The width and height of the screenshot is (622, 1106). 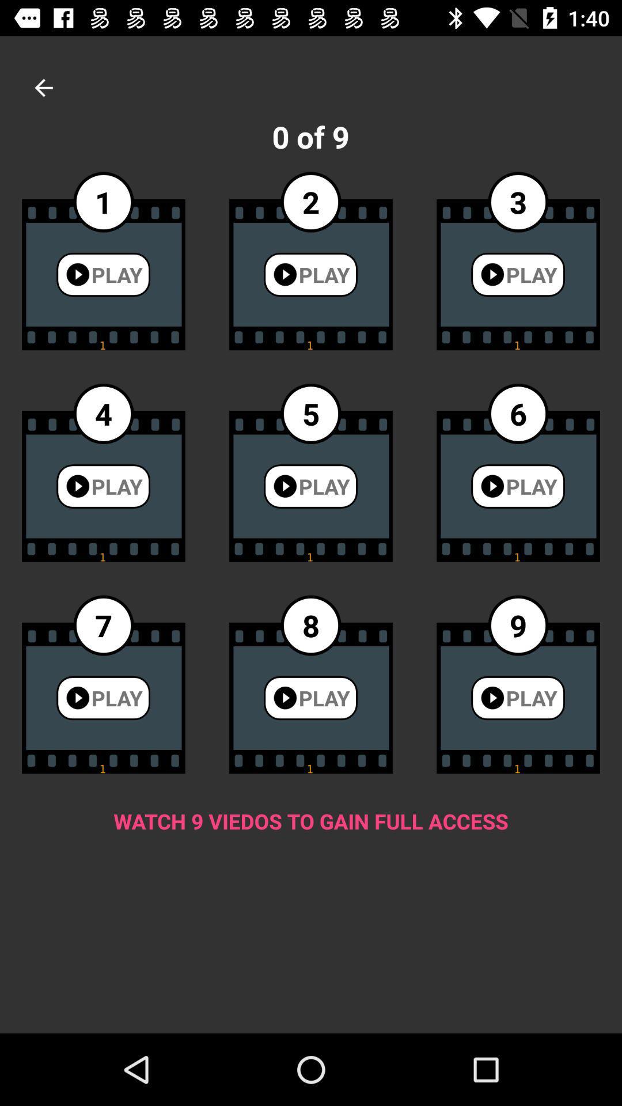 What do you see at coordinates (43, 87) in the screenshot?
I see `icon above the 1 item` at bounding box center [43, 87].